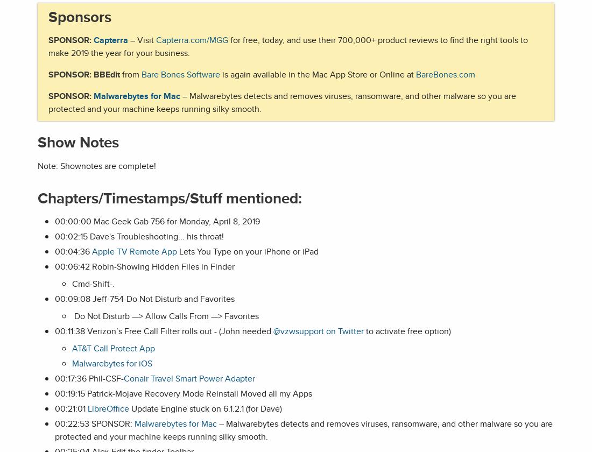 The width and height of the screenshot is (592, 452). What do you see at coordinates (220, 74) in the screenshot?
I see `'is again available in the Mac App Store or Online at'` at bounding box center [220, 74].